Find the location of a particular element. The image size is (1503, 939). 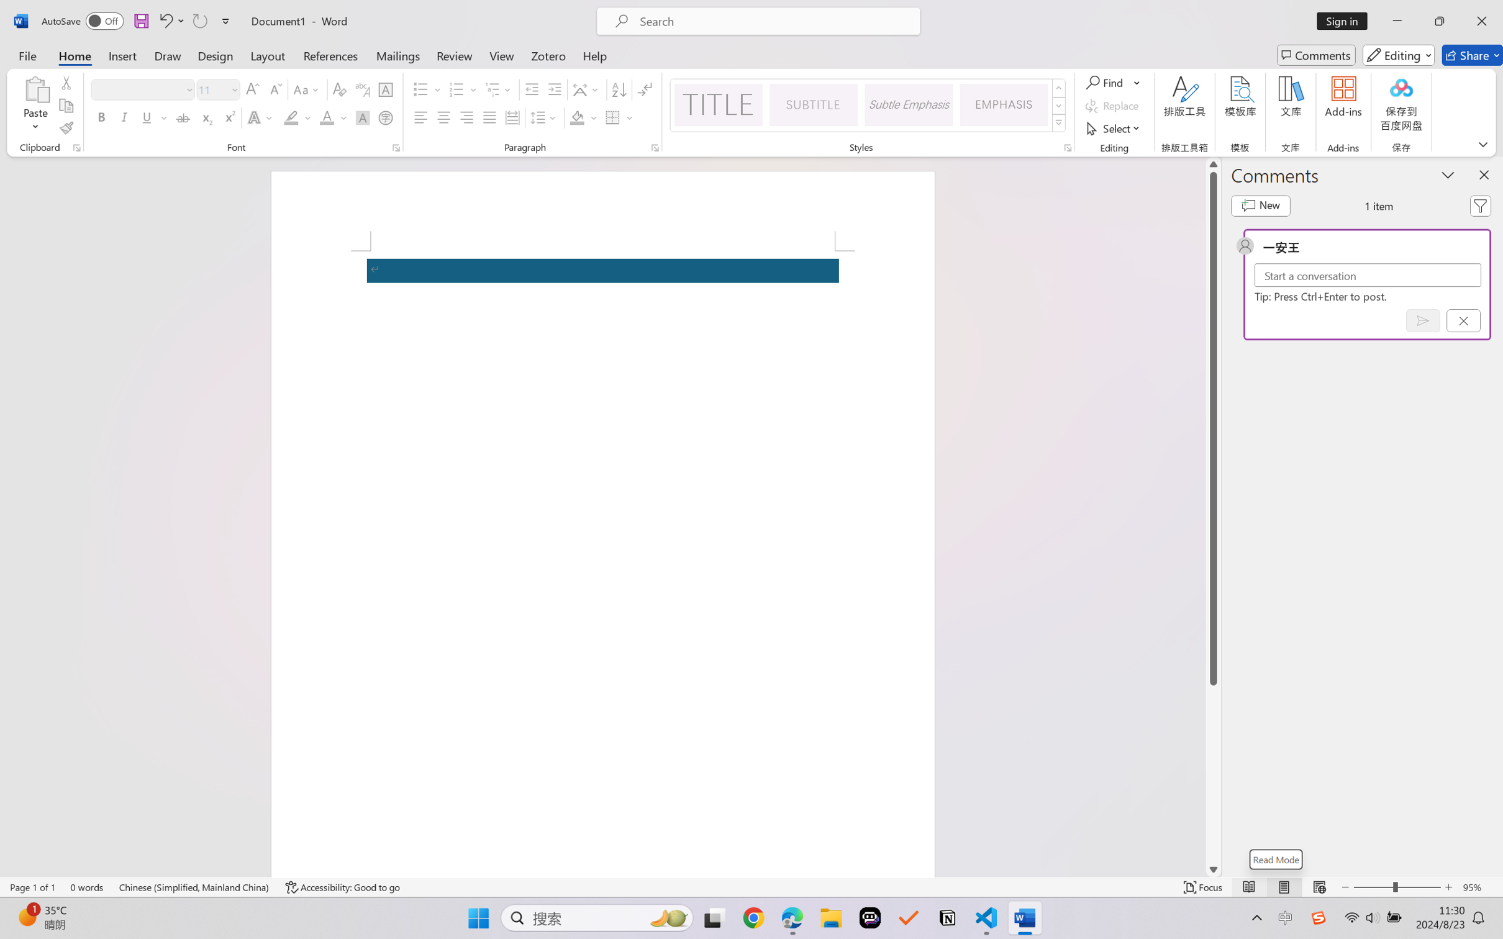

'Subtitle' is located at coordinates (813, 104).